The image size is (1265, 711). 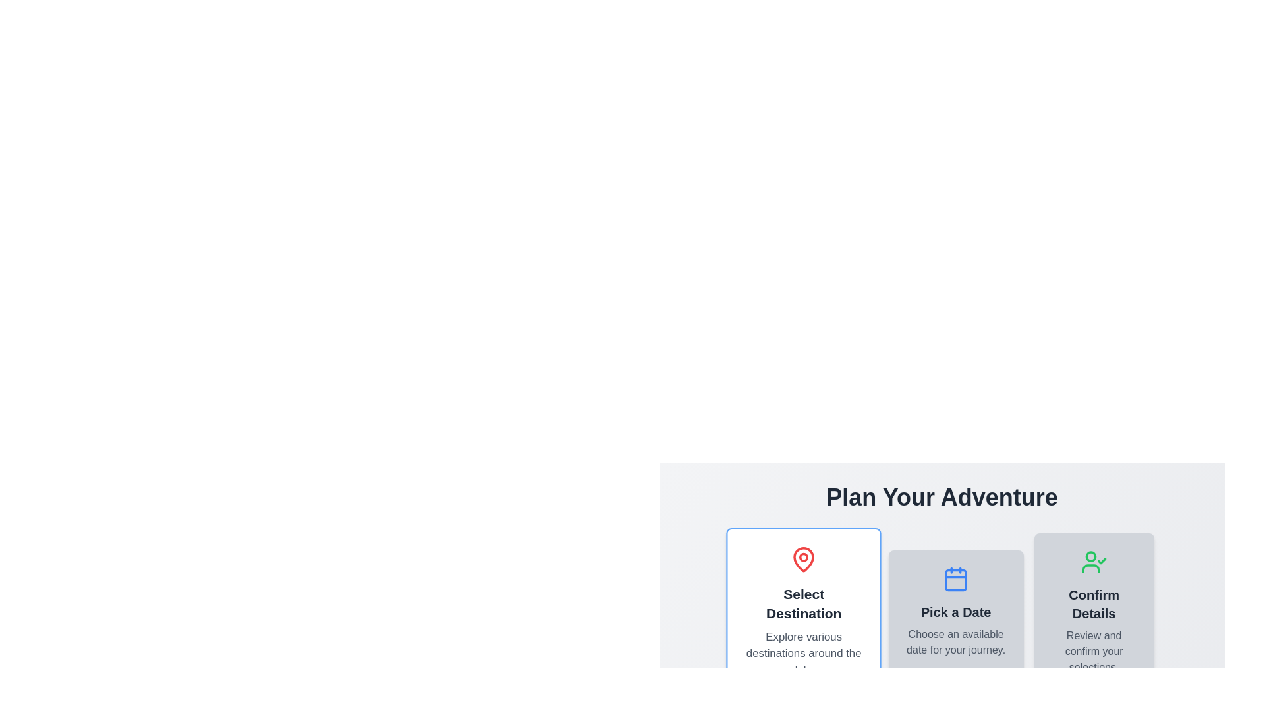 What do you see at coordinates (803, 560) in the screenshot?
I see `the icon that symbolizes selecting a geographical location, located at the top of the 'Select Destination' card on the left side of the horizontally arranged cards` at bounding box center [803, 560].